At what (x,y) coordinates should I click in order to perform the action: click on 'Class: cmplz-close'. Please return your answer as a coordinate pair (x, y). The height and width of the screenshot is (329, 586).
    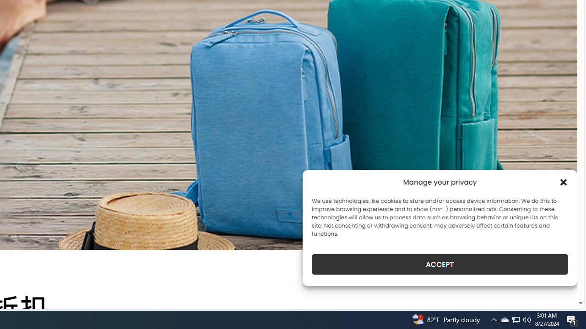
    Looking at the image, I should click on (563, 182).